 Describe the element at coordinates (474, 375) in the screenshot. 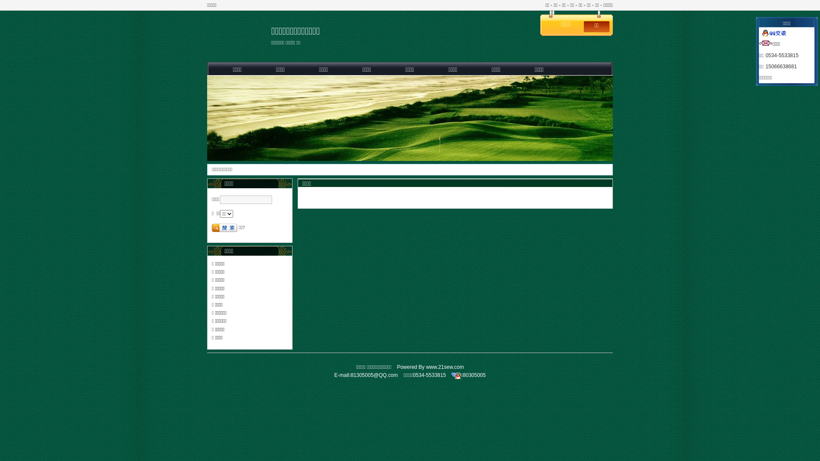

I see `'80305005'` at that location.